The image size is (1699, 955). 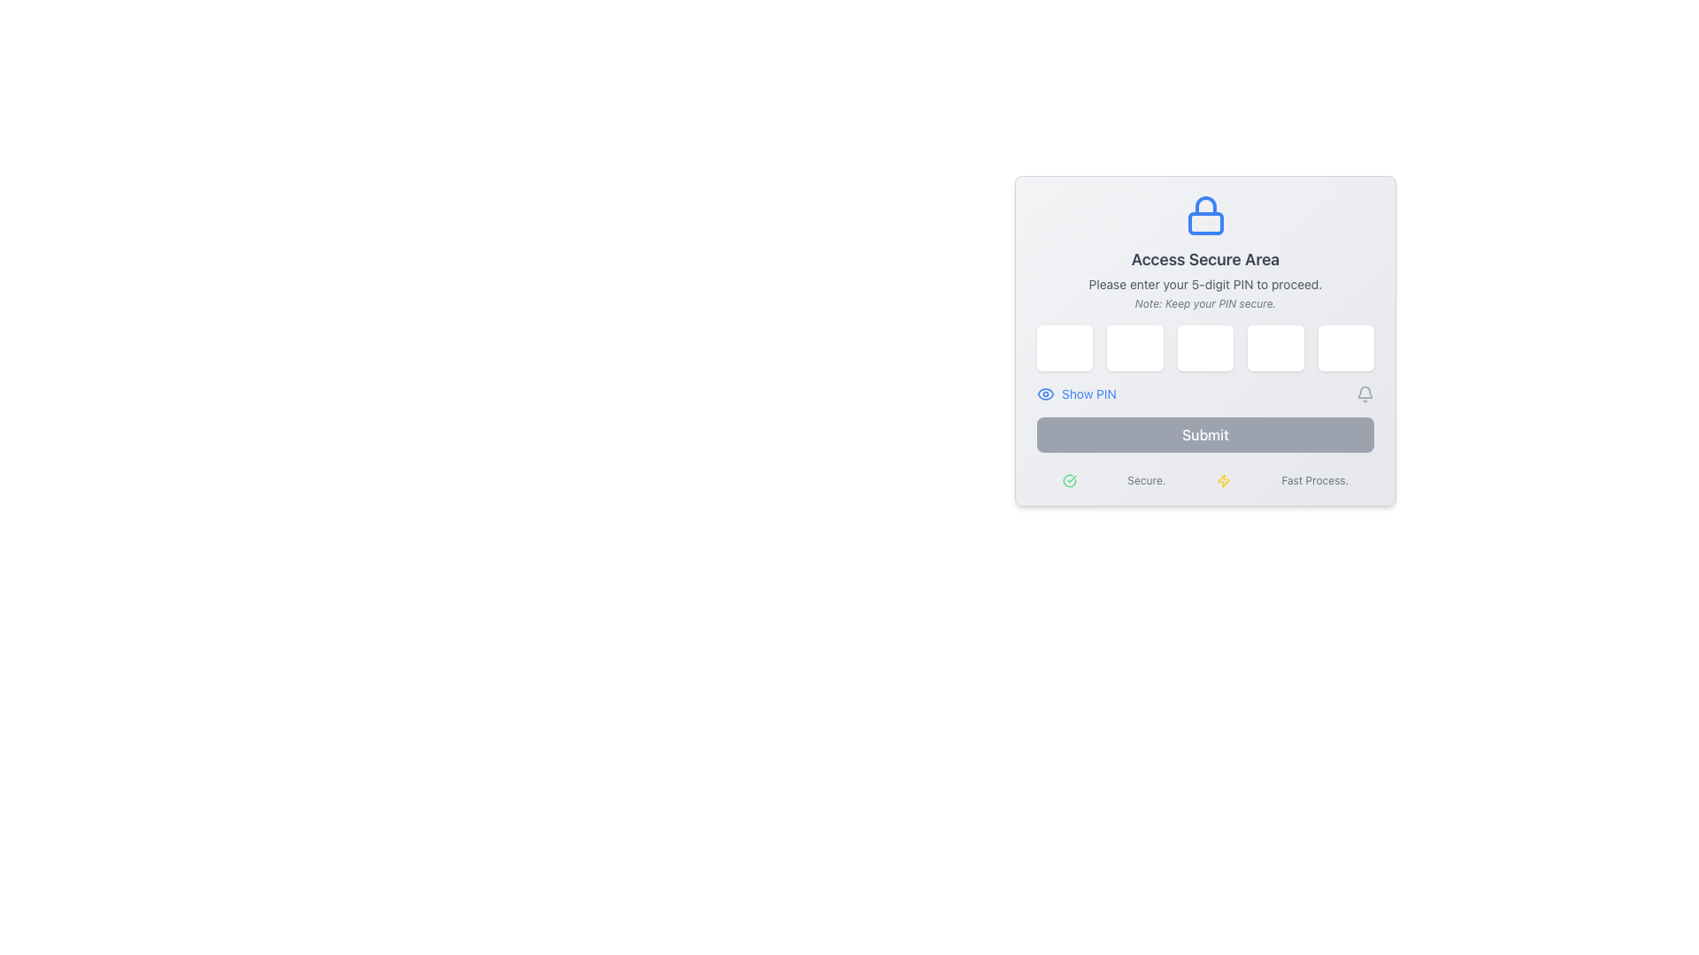 What do you see at coordinates (1045, 393) in the screenshot?
I see `the Icon or Toggle visibility button located to the immediate left of the 'Show PIN' text` at bounding box center [1045, 393].